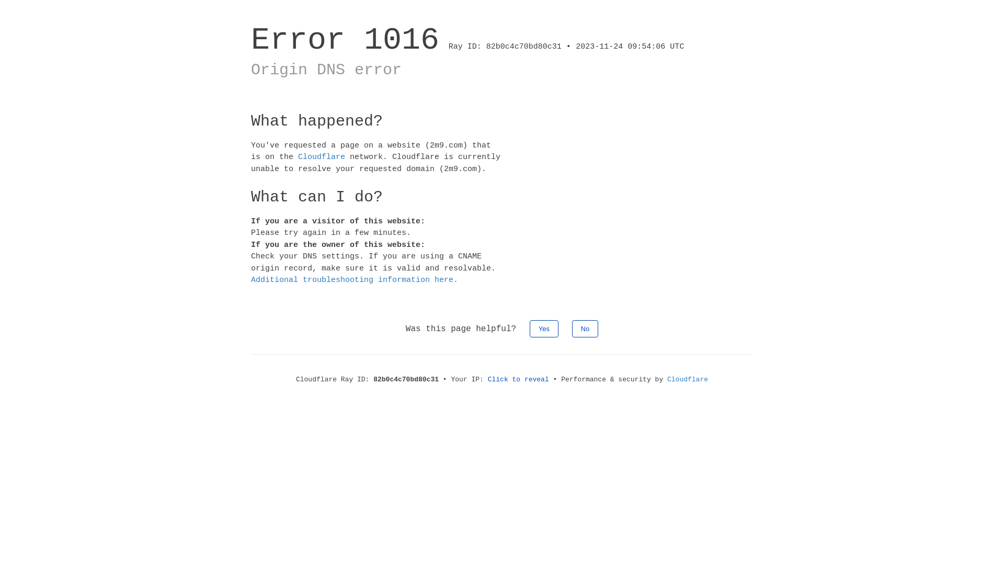 This screenshot has width=1004, height=565. I want to click on 'Cloudflare', so click(321, 157).